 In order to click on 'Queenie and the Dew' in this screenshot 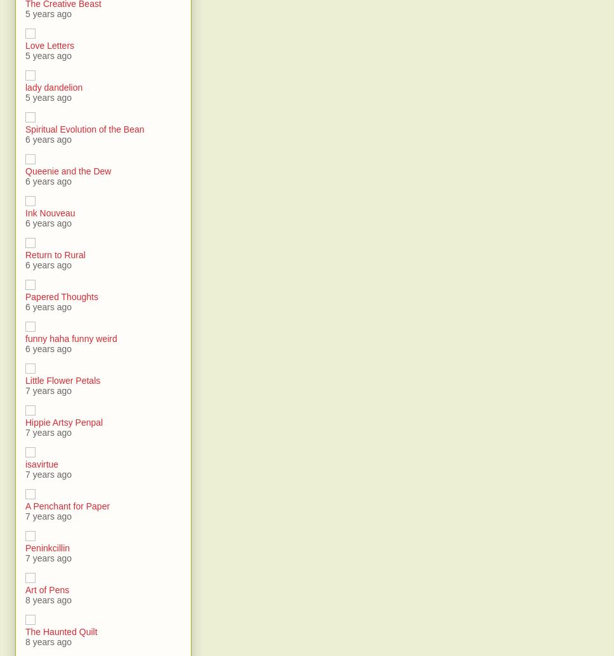, I will do `click(25, 170)`.